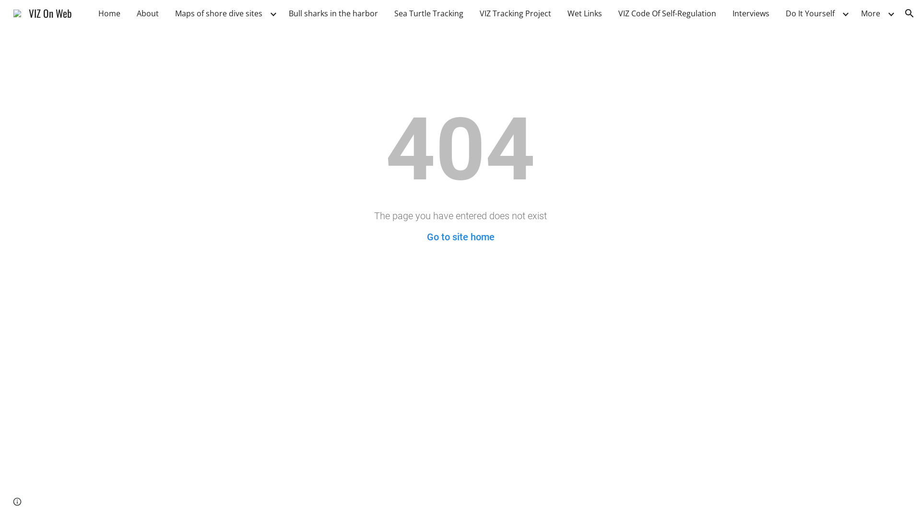  I want to click on 'Sea Turtle Tracking', so click(428, 13).